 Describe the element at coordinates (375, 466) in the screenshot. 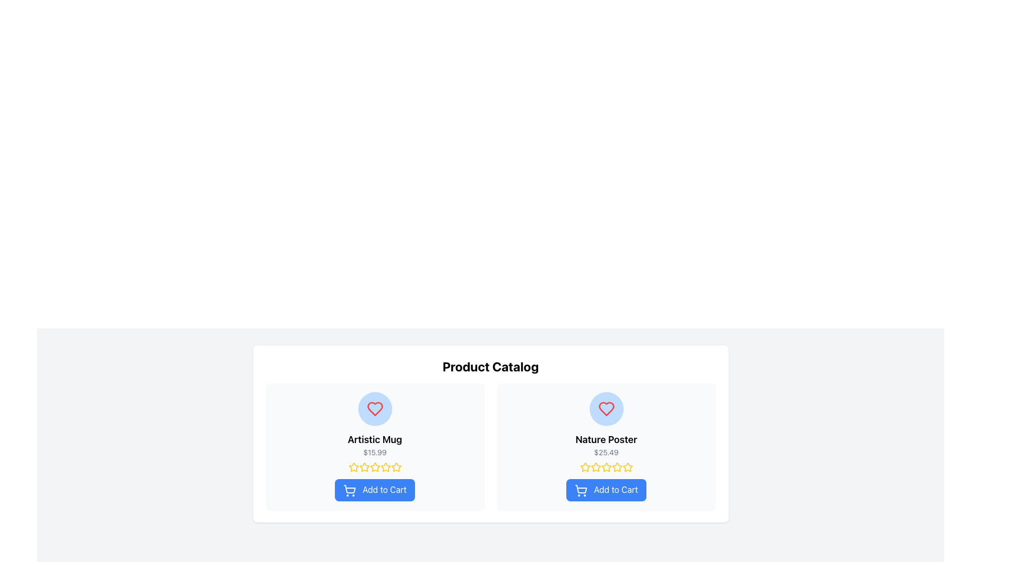

I see `the highlighted third star icon in the rating system below the price of the 'Artistic Mug'` at that location.